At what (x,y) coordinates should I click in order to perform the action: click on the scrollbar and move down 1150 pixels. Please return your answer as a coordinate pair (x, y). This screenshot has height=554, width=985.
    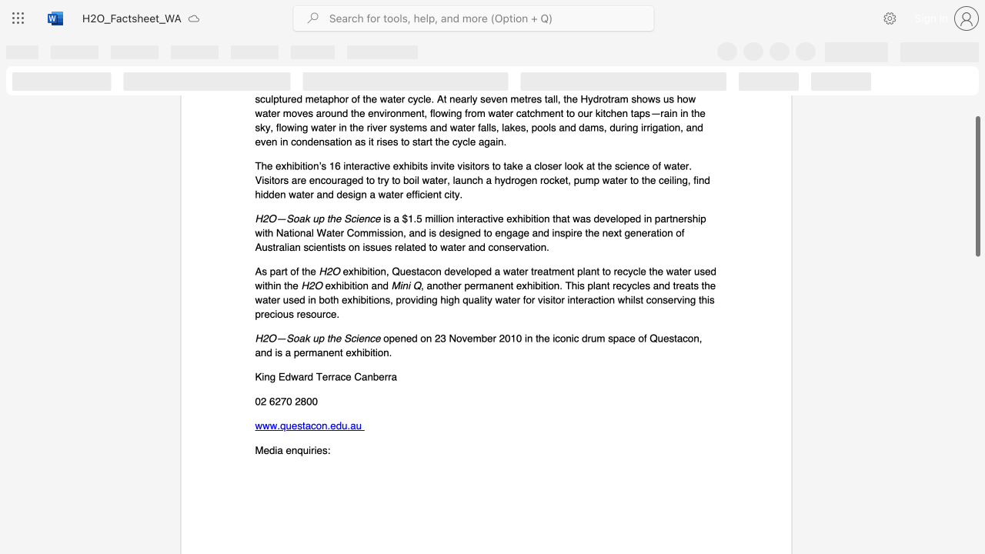
    Looking at the image, I should click on (977, 185).